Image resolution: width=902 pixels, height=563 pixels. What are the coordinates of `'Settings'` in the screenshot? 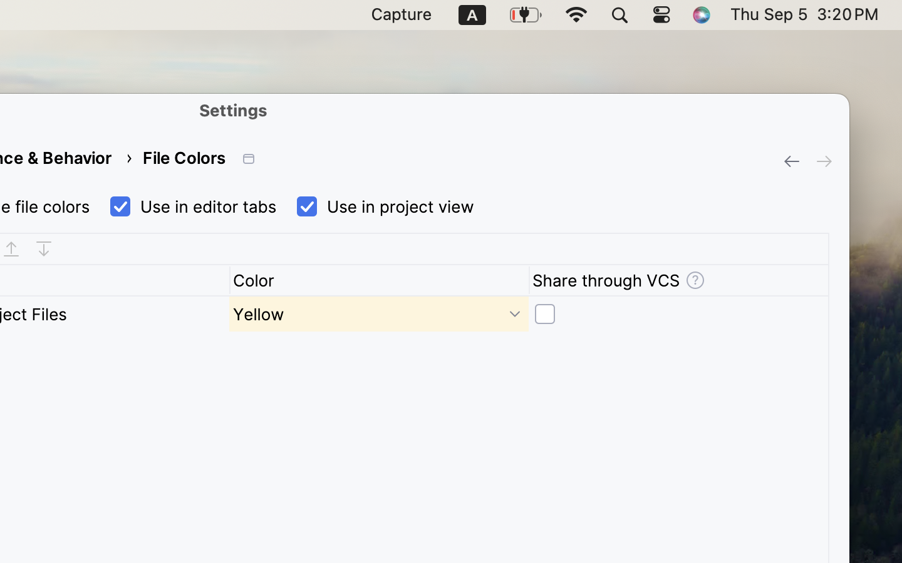 It's located at (232, 110).